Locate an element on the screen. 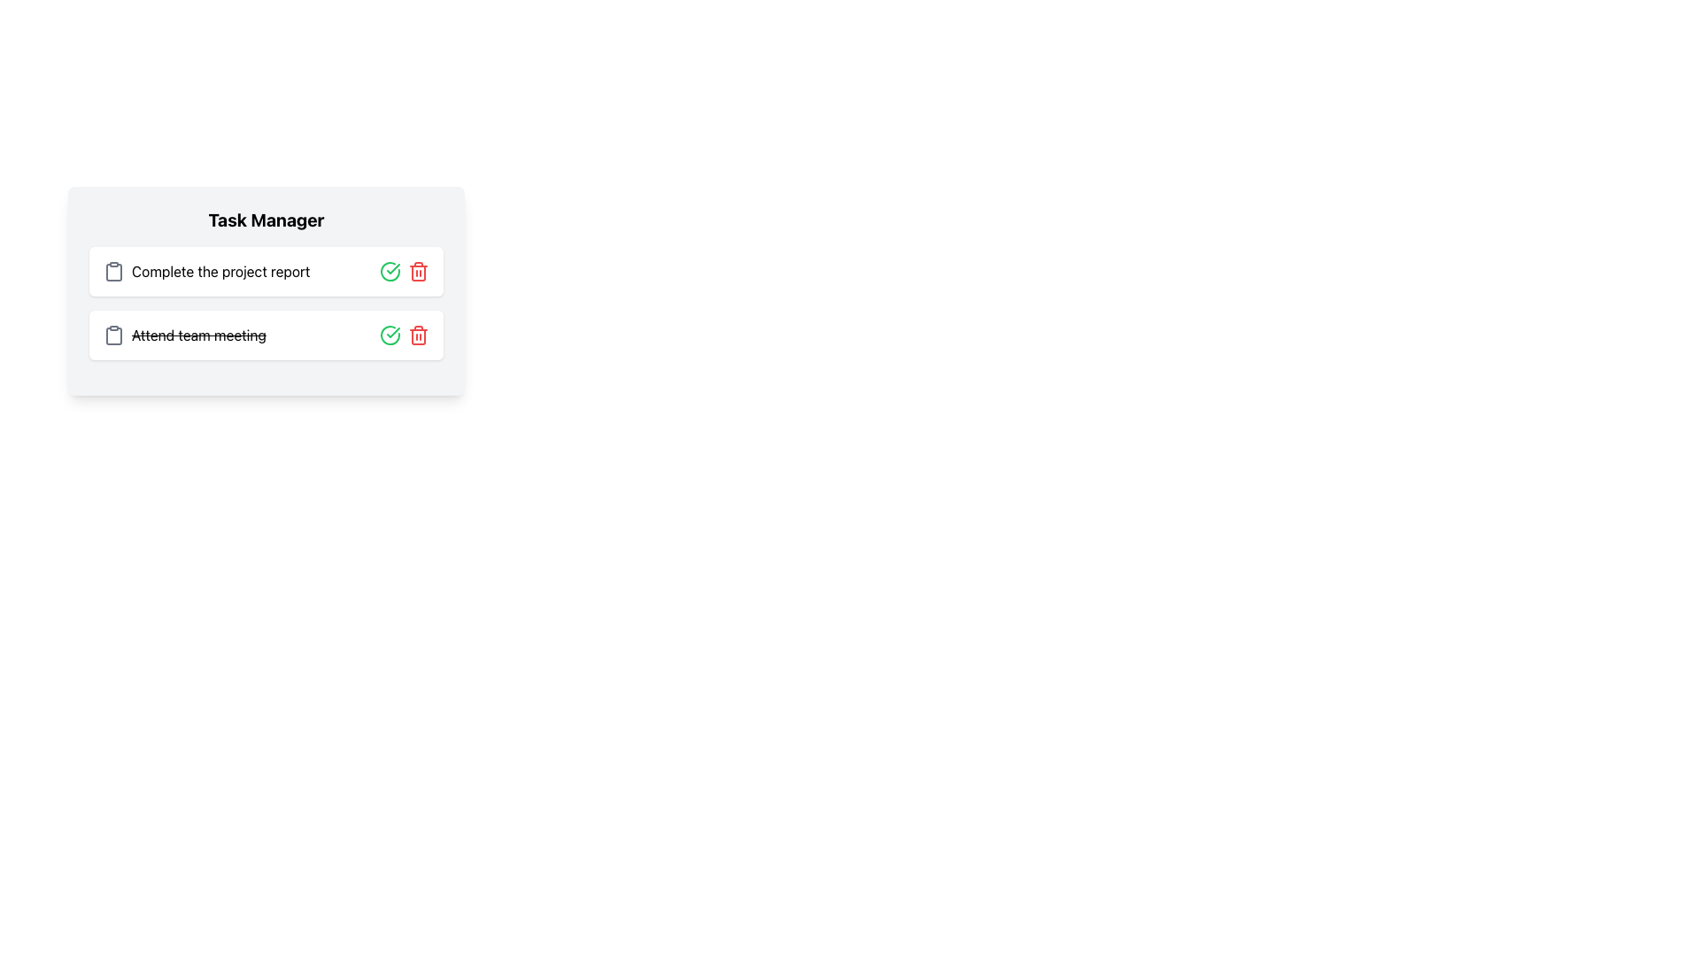 The image size is (1700, 956). the clipboard icon located to the left of the line-through styled text 'Attend team meeting' is located at coordinates (113, 335).